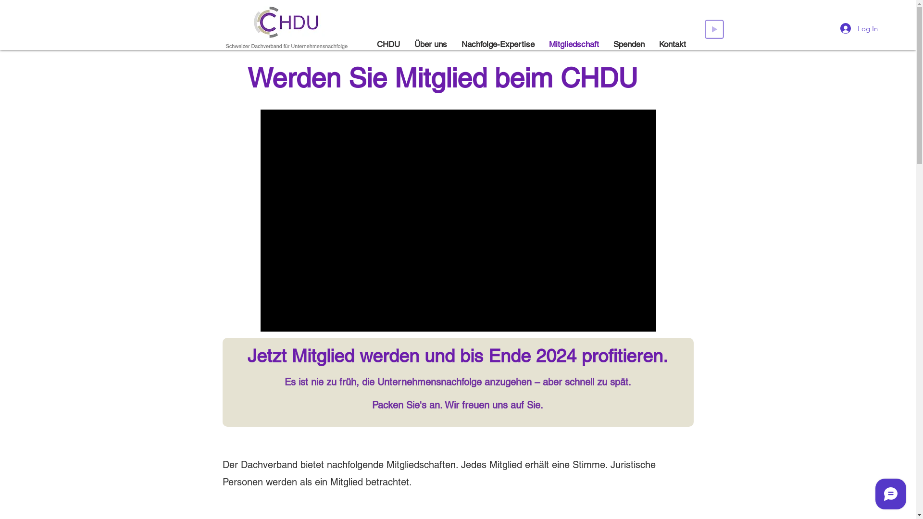  I want to click on 'Nachfolge-Expertise', so click(498, 44).